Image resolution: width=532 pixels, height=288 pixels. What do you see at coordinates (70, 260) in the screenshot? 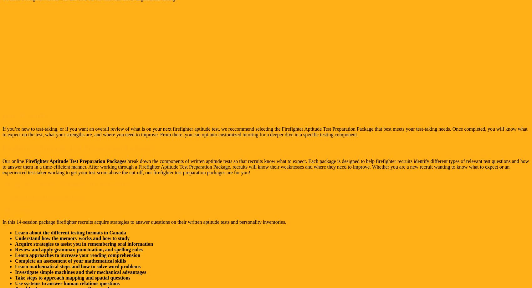
I see `'Complete an assessment of your mathematical skills'` at bounding box center [70, 260].